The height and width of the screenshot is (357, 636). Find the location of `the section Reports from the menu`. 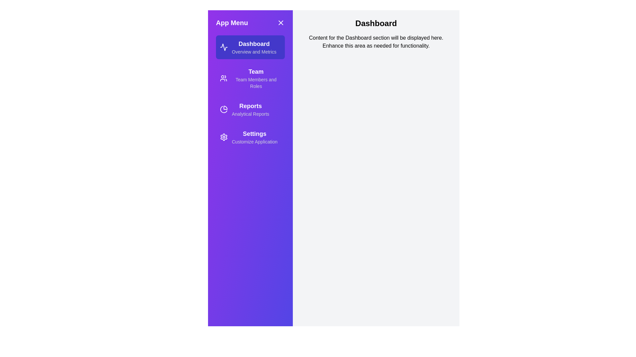

the section Reports from the menu is located at coordinates (250, 109).